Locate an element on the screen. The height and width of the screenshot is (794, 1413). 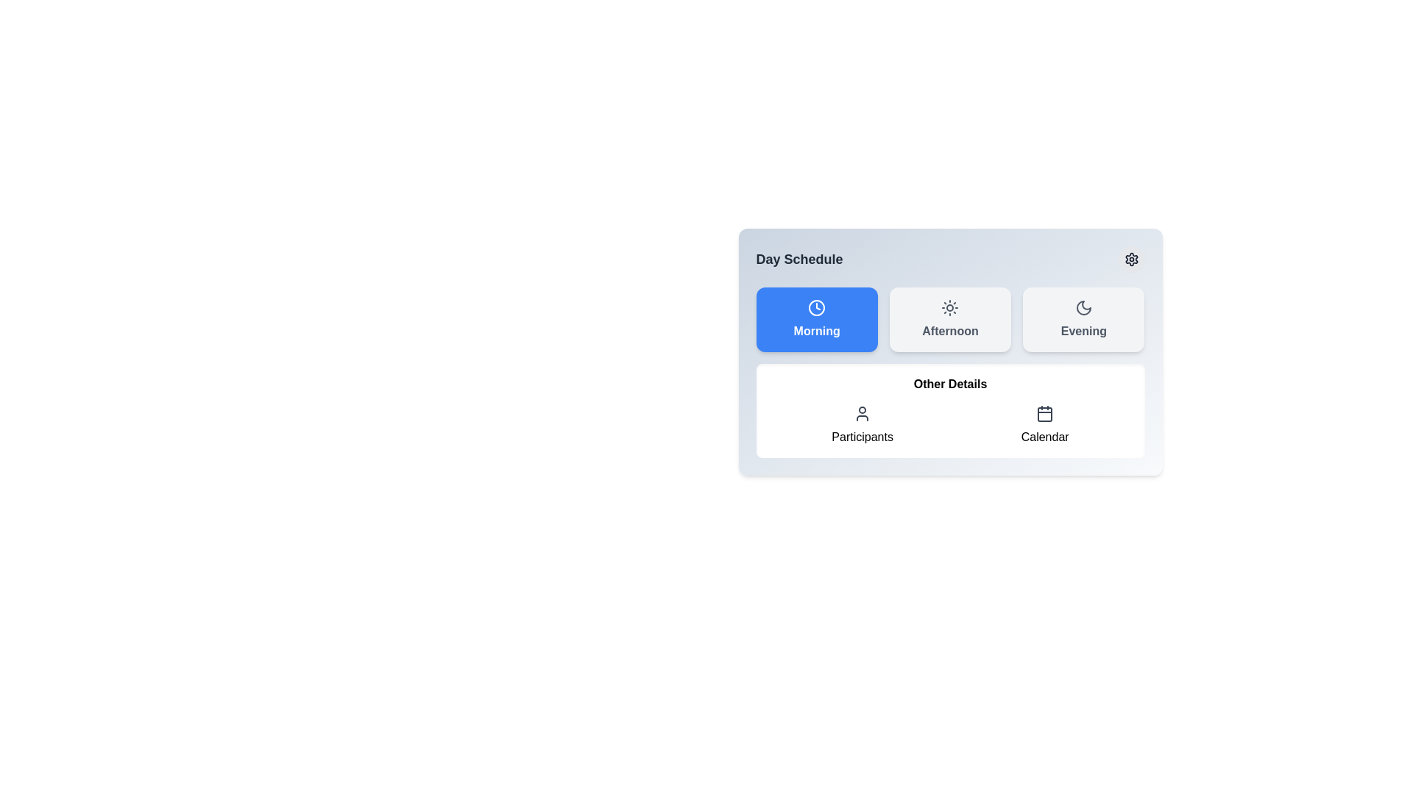
the gear-shaped icon within the circular button located in the top-right corner of the 'Day Schedule' panel is located at coordinates (1130, 259).